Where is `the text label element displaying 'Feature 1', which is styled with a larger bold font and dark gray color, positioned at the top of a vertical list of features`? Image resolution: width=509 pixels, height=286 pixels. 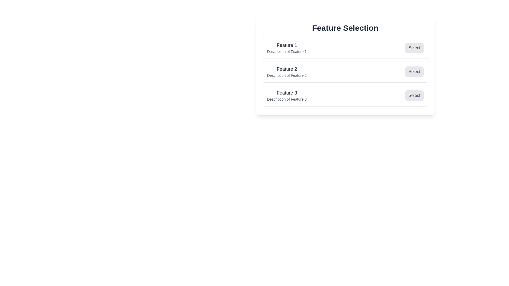 the text label element displaying 'Feature 1', which is styled with a larger bold font and dark gray color, positioned at the top of a vertical list of features is located at coordinates (287, 45).